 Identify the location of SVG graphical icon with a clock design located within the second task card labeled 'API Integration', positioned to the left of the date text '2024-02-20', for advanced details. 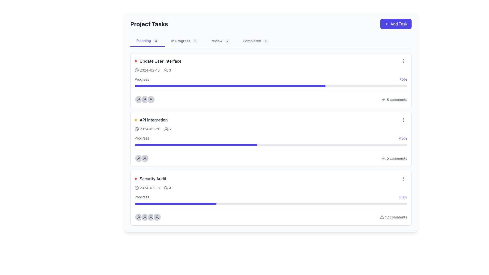
(137, 129).